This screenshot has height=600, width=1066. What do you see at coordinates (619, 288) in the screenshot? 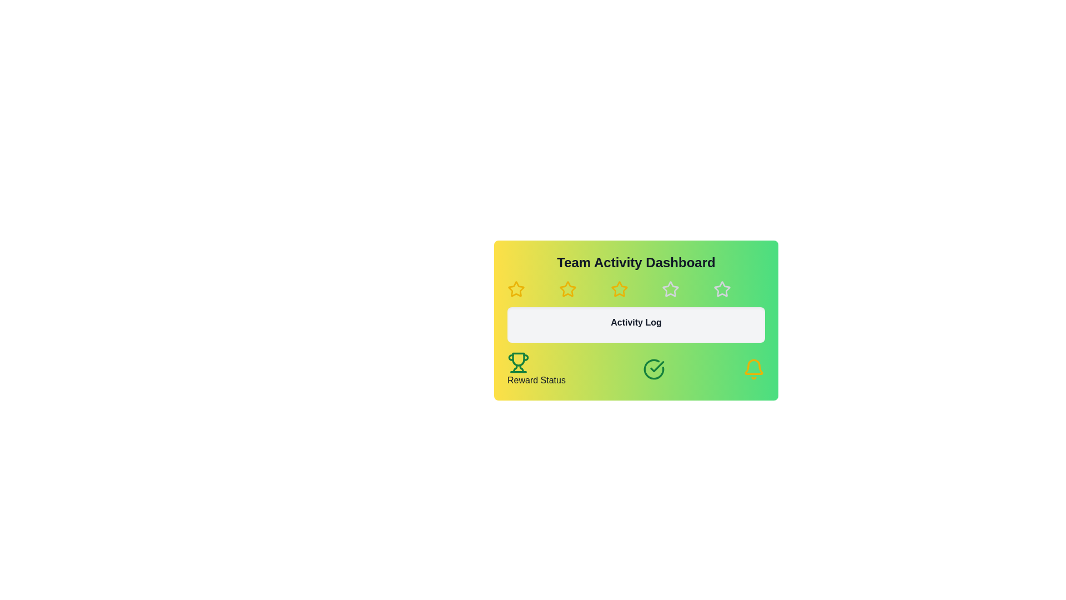
I see `the second star icon with a yellow stroke outline in the 'Team Activity Dashboard'` at bounding box center [619, 288].